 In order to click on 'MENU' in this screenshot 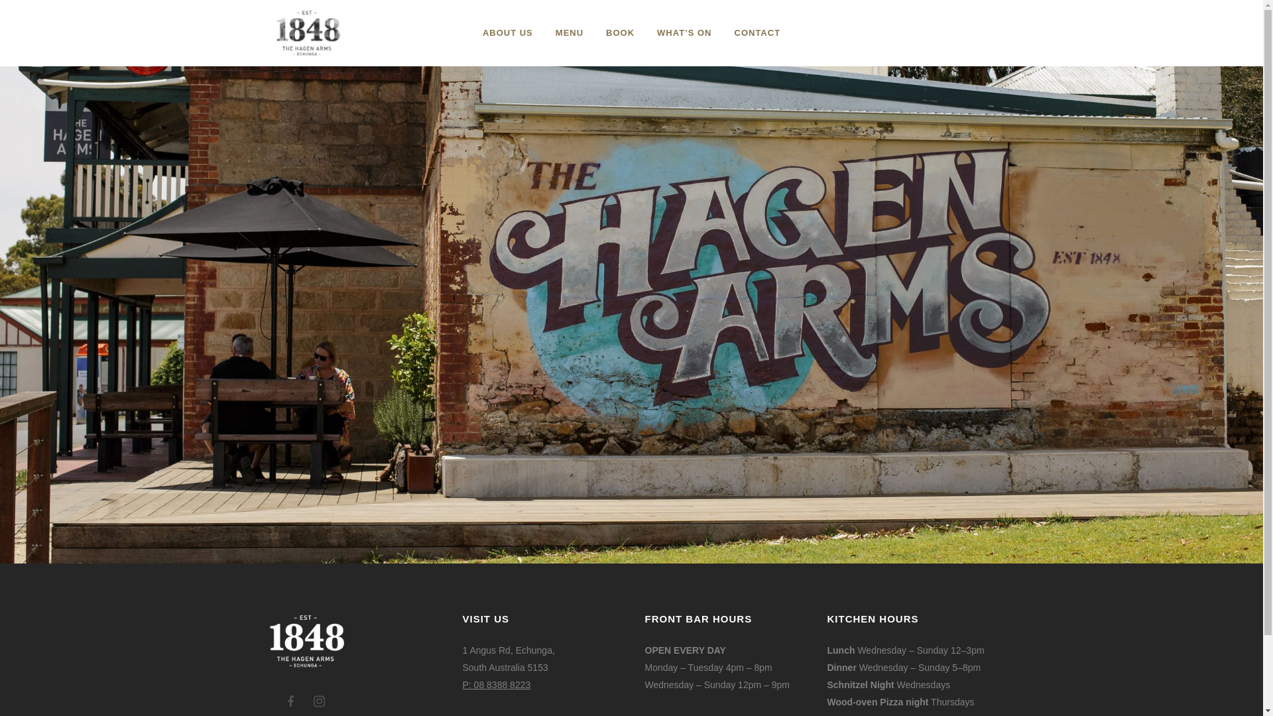, I will do `click(570, 32)`.